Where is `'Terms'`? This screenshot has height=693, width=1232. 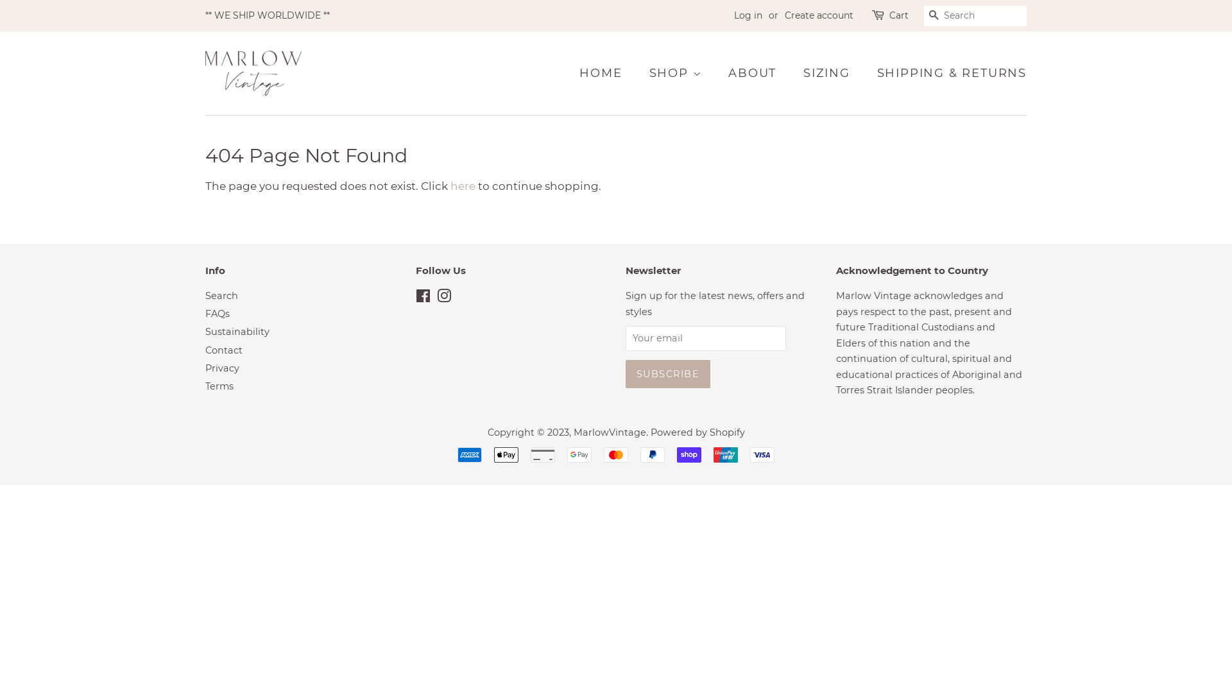
'Terms' is located at coordinates (205, 385).